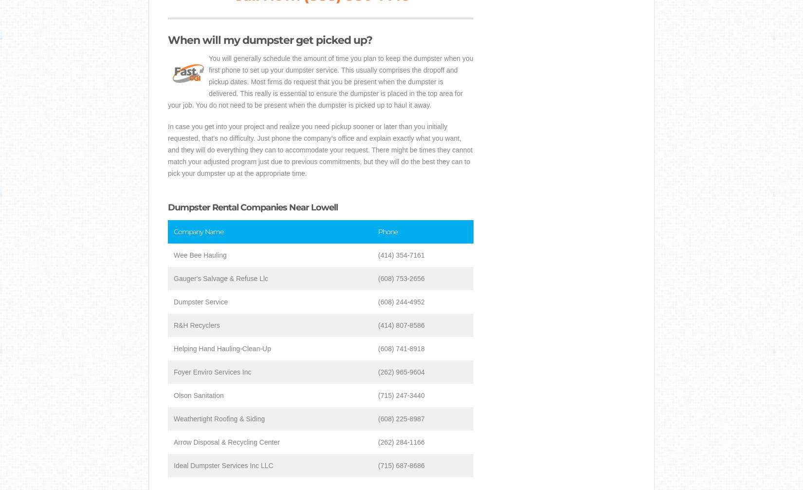 The image size is (803, 490). What do you see at coordinates (401, 348) in the screenshot?
I see `'(608) 741-8918'` at bounding box center [401, 348].